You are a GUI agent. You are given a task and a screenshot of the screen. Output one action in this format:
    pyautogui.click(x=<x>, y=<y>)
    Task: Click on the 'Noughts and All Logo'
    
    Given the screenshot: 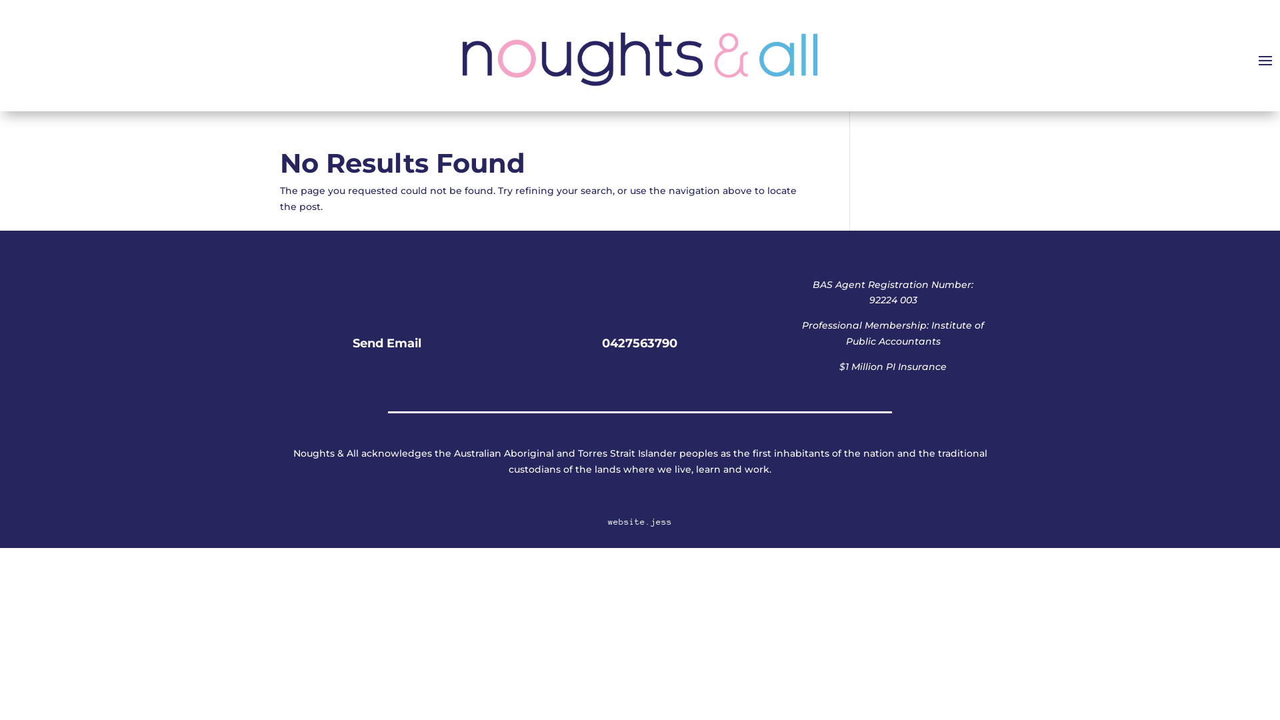 What is the action you would take?
    pyautogui.click(x=640, y=58)
    